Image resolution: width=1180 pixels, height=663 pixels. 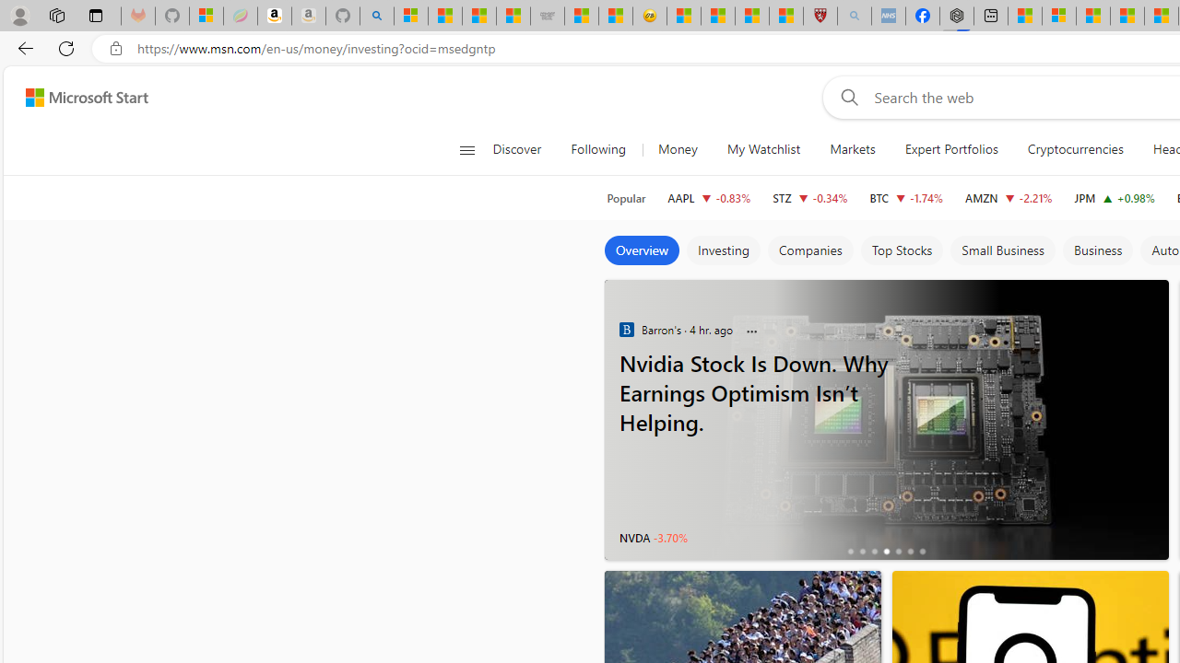 I want to click on 'Web search', so click(x=844, y=97).